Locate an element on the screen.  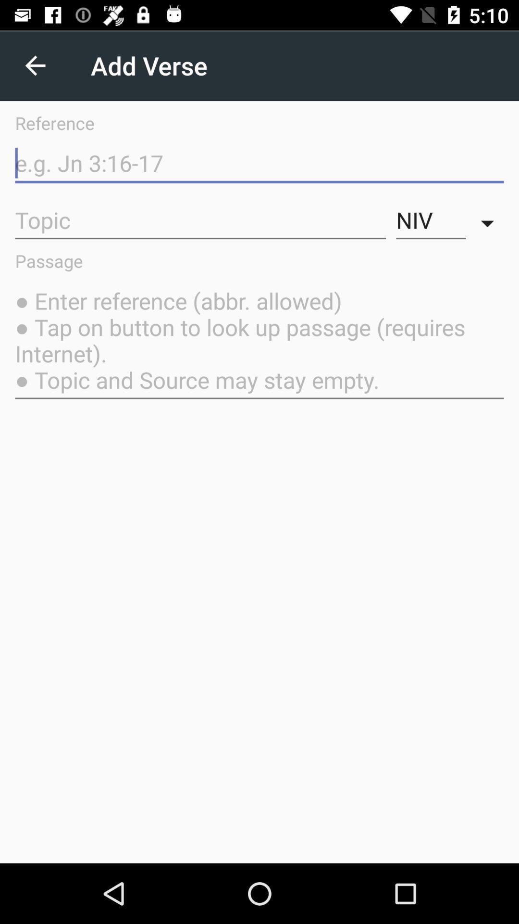
the niv icon is located at coordinates (431, 220).